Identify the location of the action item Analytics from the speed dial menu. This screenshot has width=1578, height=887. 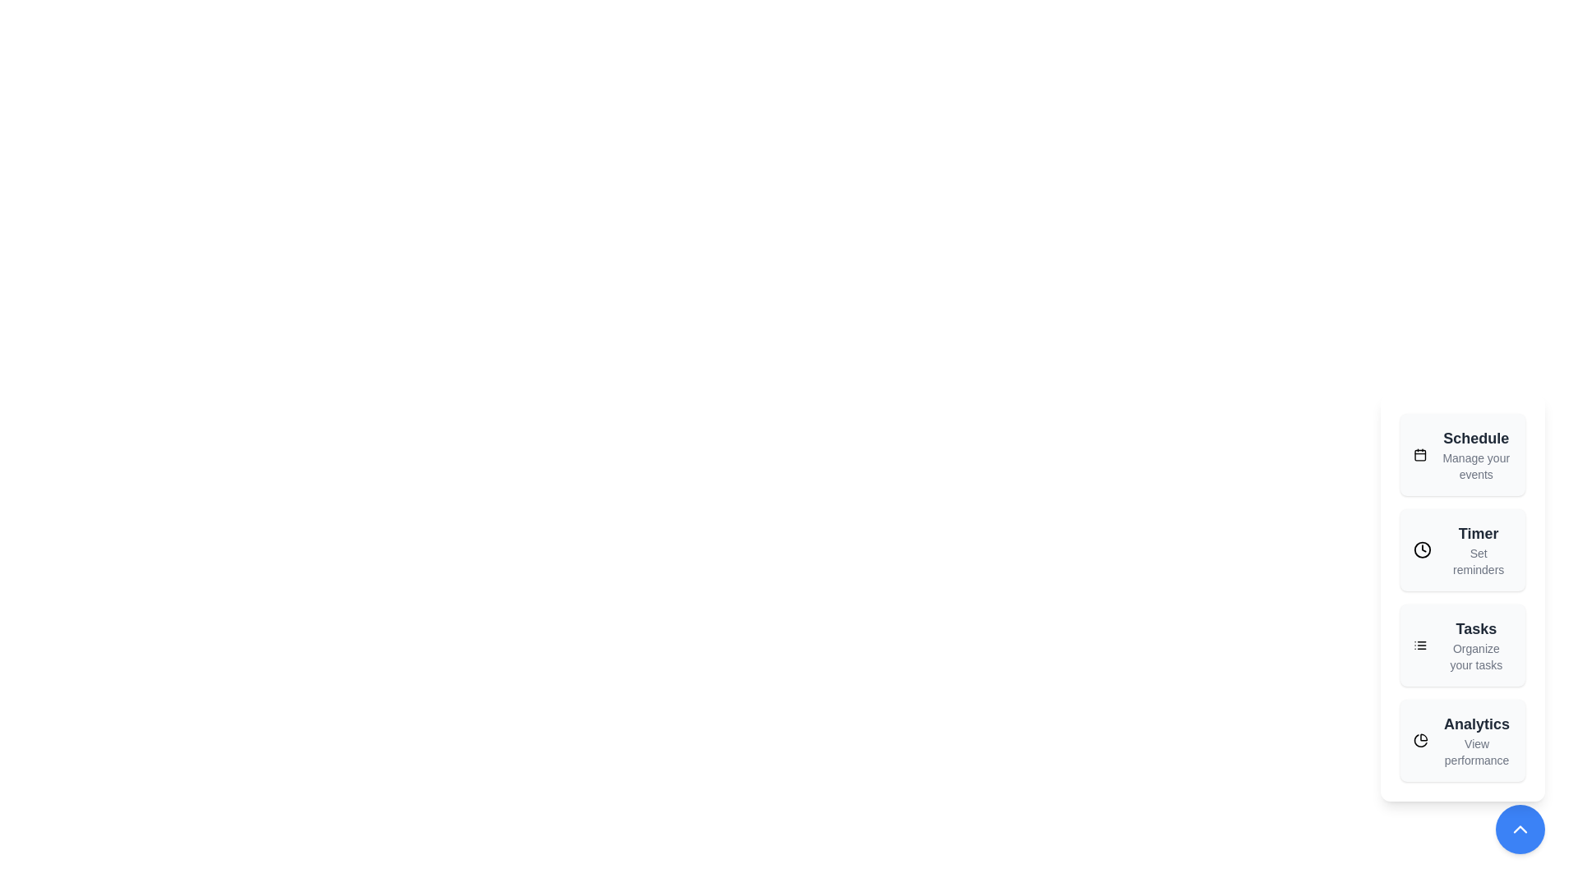
(1463, 741).